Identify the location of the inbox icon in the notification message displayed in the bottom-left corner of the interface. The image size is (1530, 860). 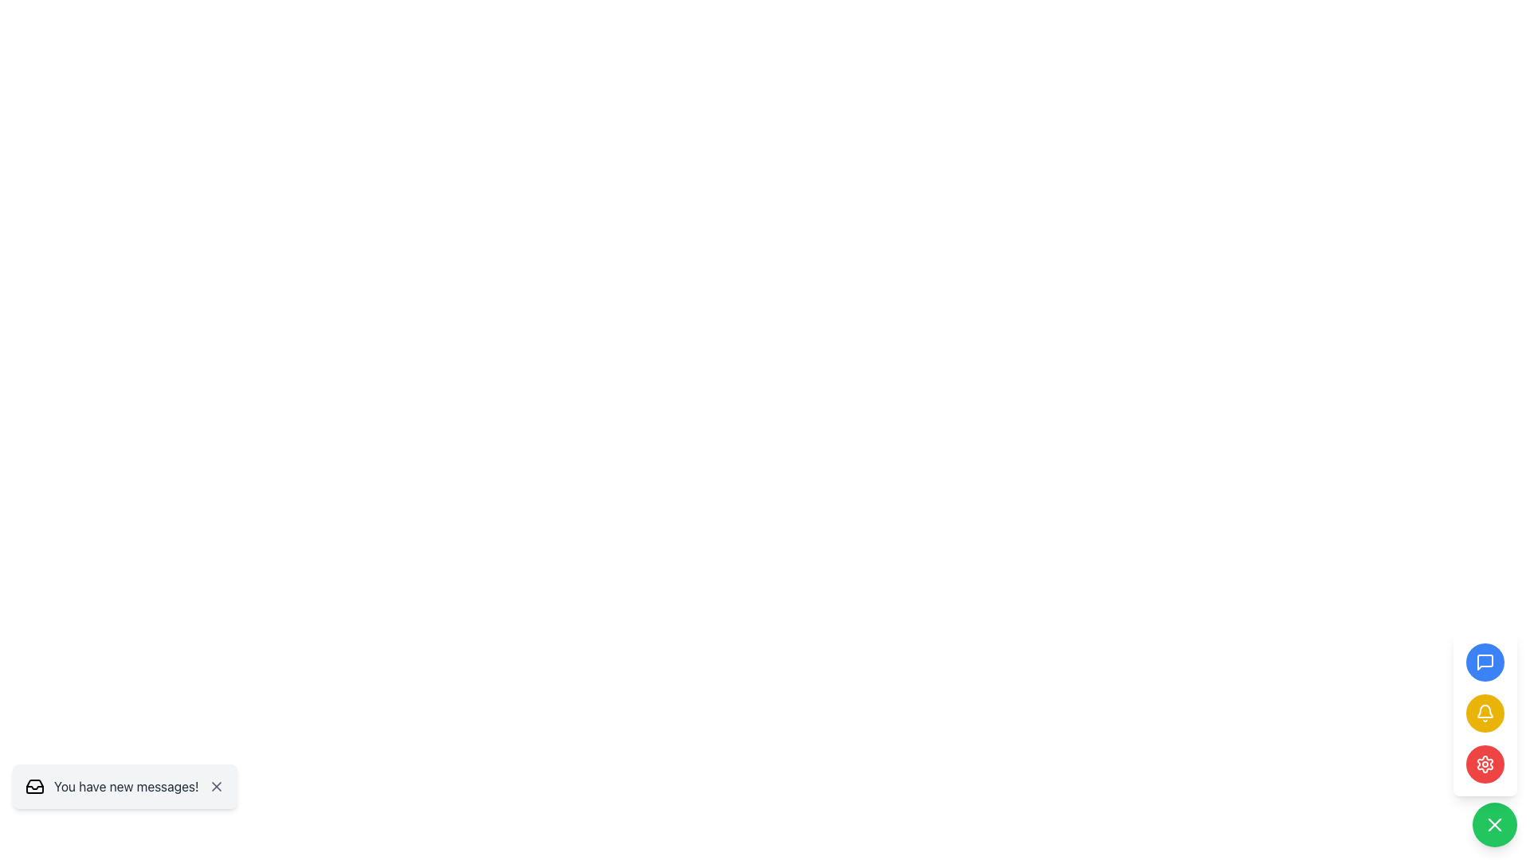
(34, 785).